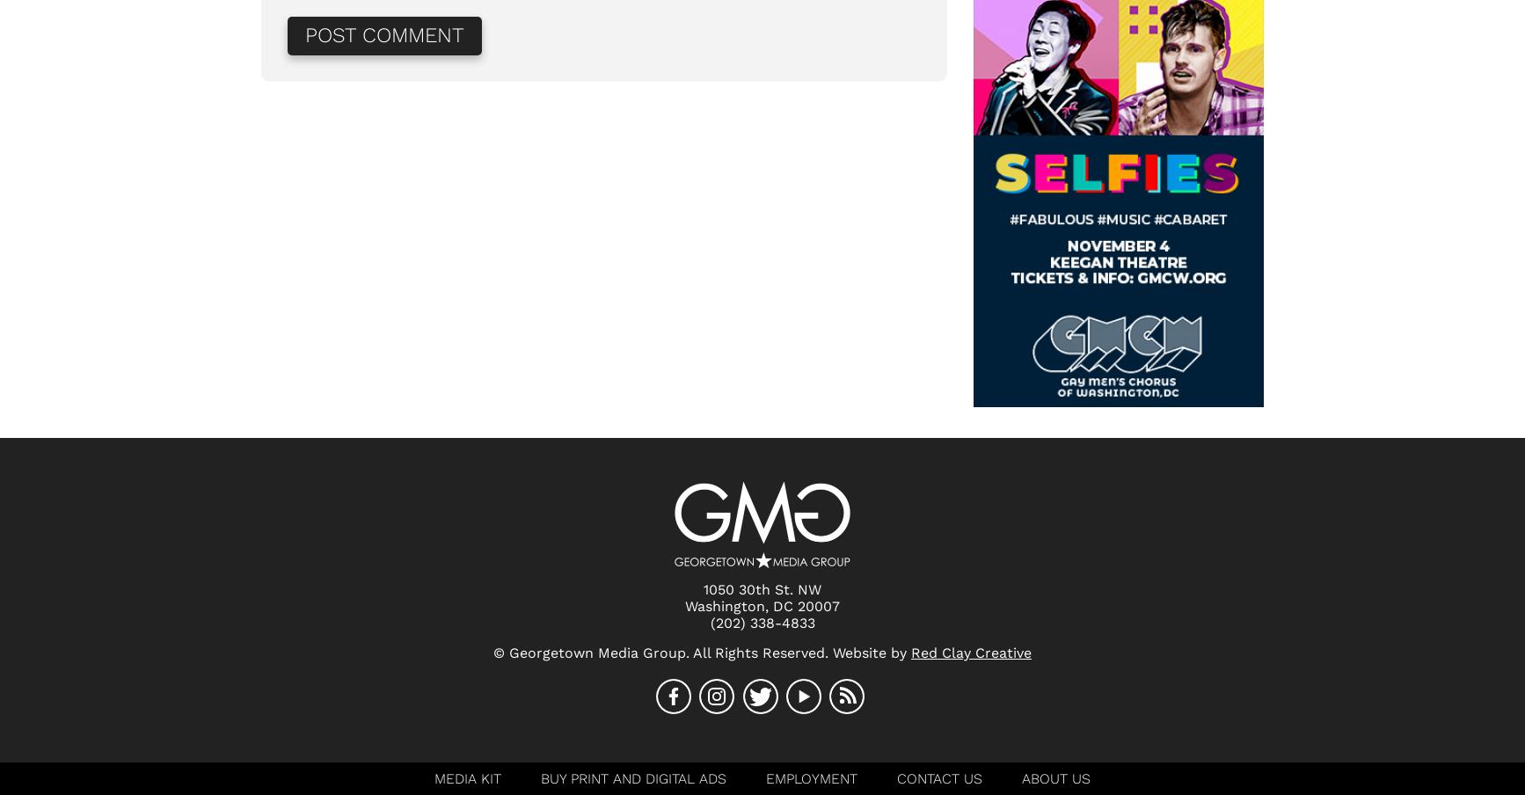 This screenshot has height=795, width=1525. Describe the element at coordinates (466, 778) in the screenshot. I see `'Media Kit'` at that location.